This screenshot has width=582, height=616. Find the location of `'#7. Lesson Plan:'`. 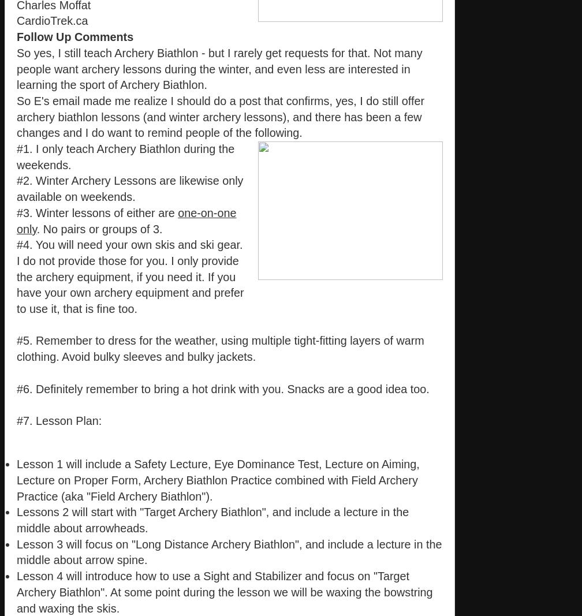

'#7. Lesson Plan:' is located at coordinates (59, 420).